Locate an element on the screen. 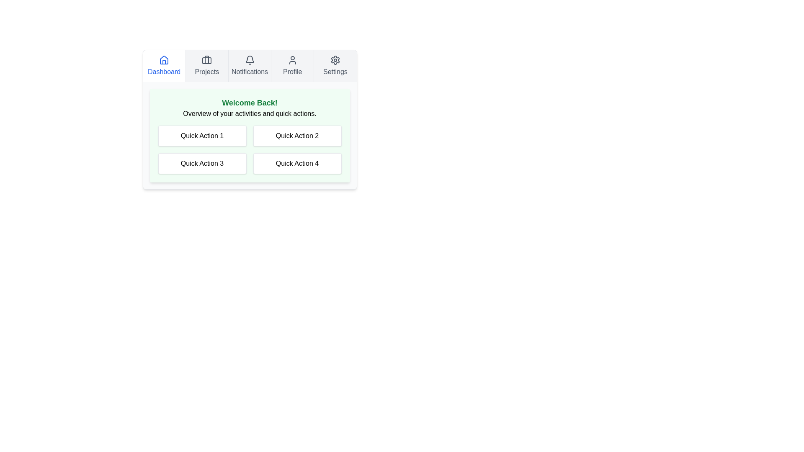 This screenshot has height=452, width=804. the 'Quick Action 2' button is located at coordinates (297, 135).